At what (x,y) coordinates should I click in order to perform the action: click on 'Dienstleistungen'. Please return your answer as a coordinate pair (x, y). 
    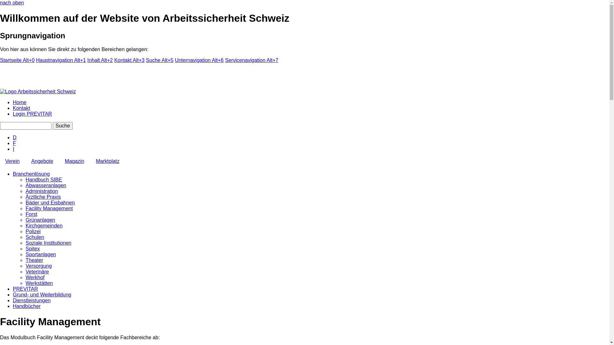
    Looking at the image, I should click on (31, 300).